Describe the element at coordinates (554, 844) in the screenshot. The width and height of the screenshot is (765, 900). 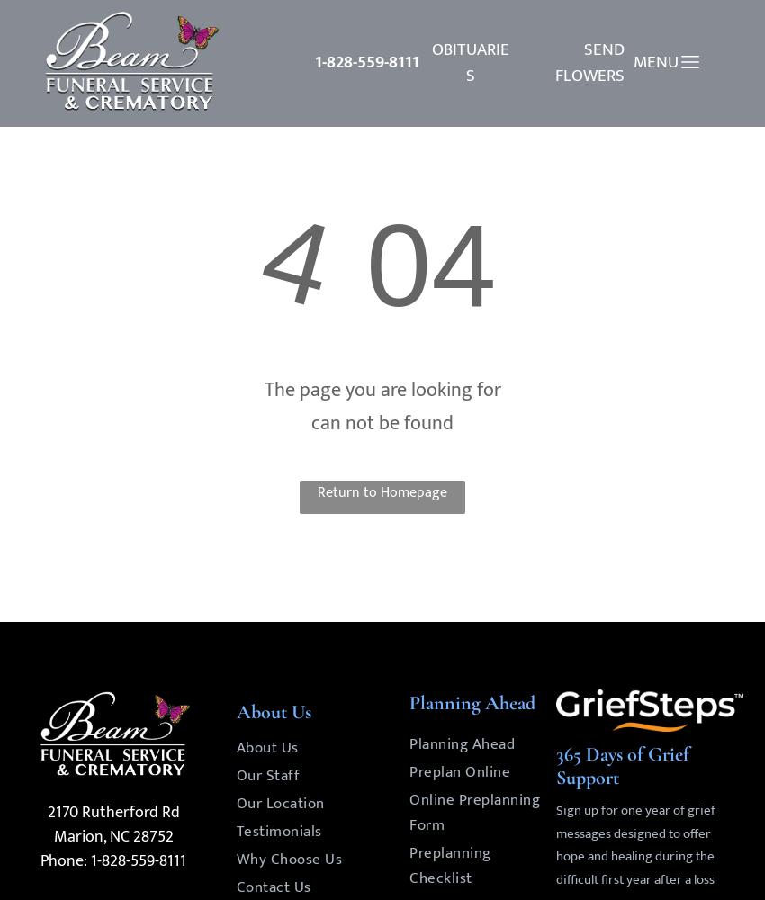
I see `'Sign up for one year of grief messages designed to offer hope and healing during the difficult first year after a loss'` at that location.